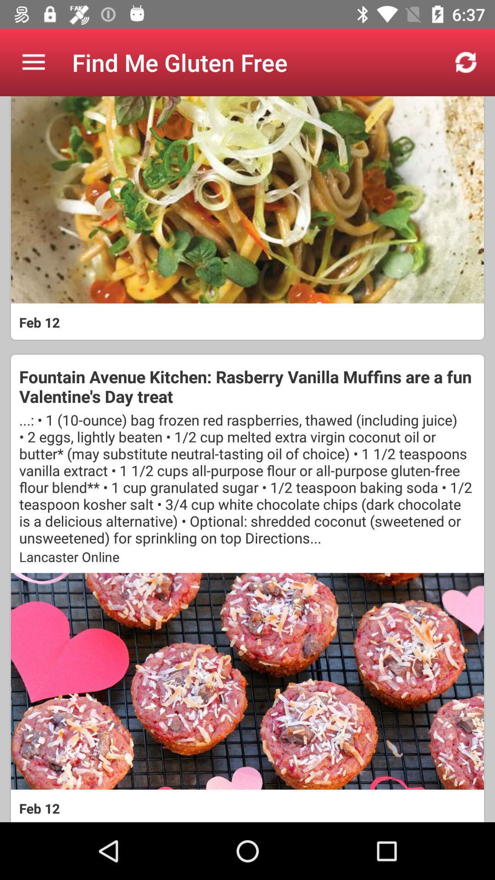 This screenshot has width=495, height=880. Describe the element at coordinates (247, 386) in the screenshot. I see `fountain avenue kitchen` at that location.